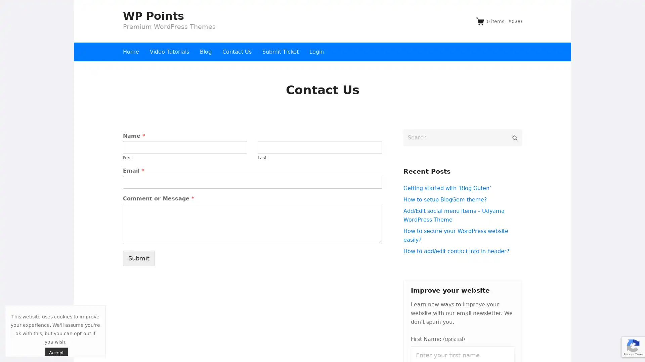 Image resolution: width=645 pixels, height=362 pixels. What do you see at coordinates (138, 258) in the screenshot?
I see `Submit` at bounding box center [138, 258].